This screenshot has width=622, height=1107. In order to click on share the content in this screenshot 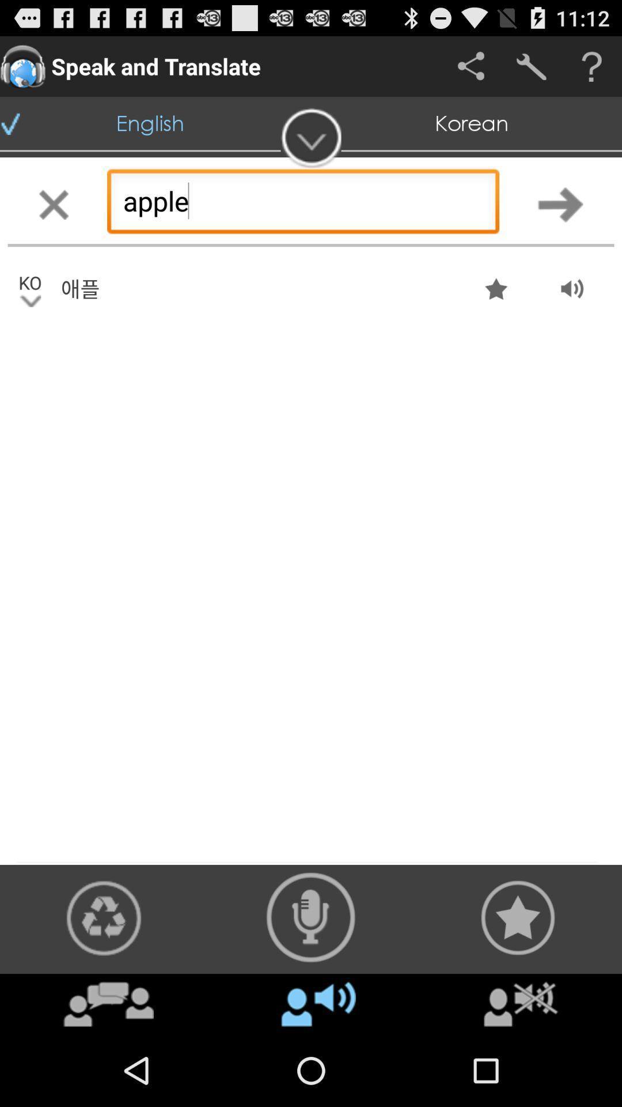, I will do `click(104, 917)`.